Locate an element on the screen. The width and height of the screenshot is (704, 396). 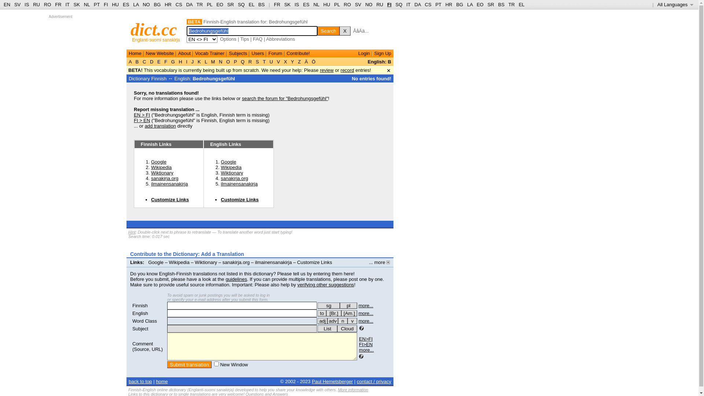
'M' is located at coordinates (212, 61).